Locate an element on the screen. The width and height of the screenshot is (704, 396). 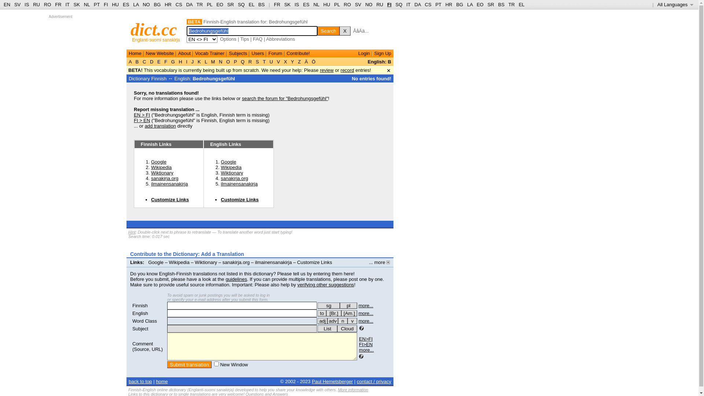
'M' is located at coordinates (212, 61).